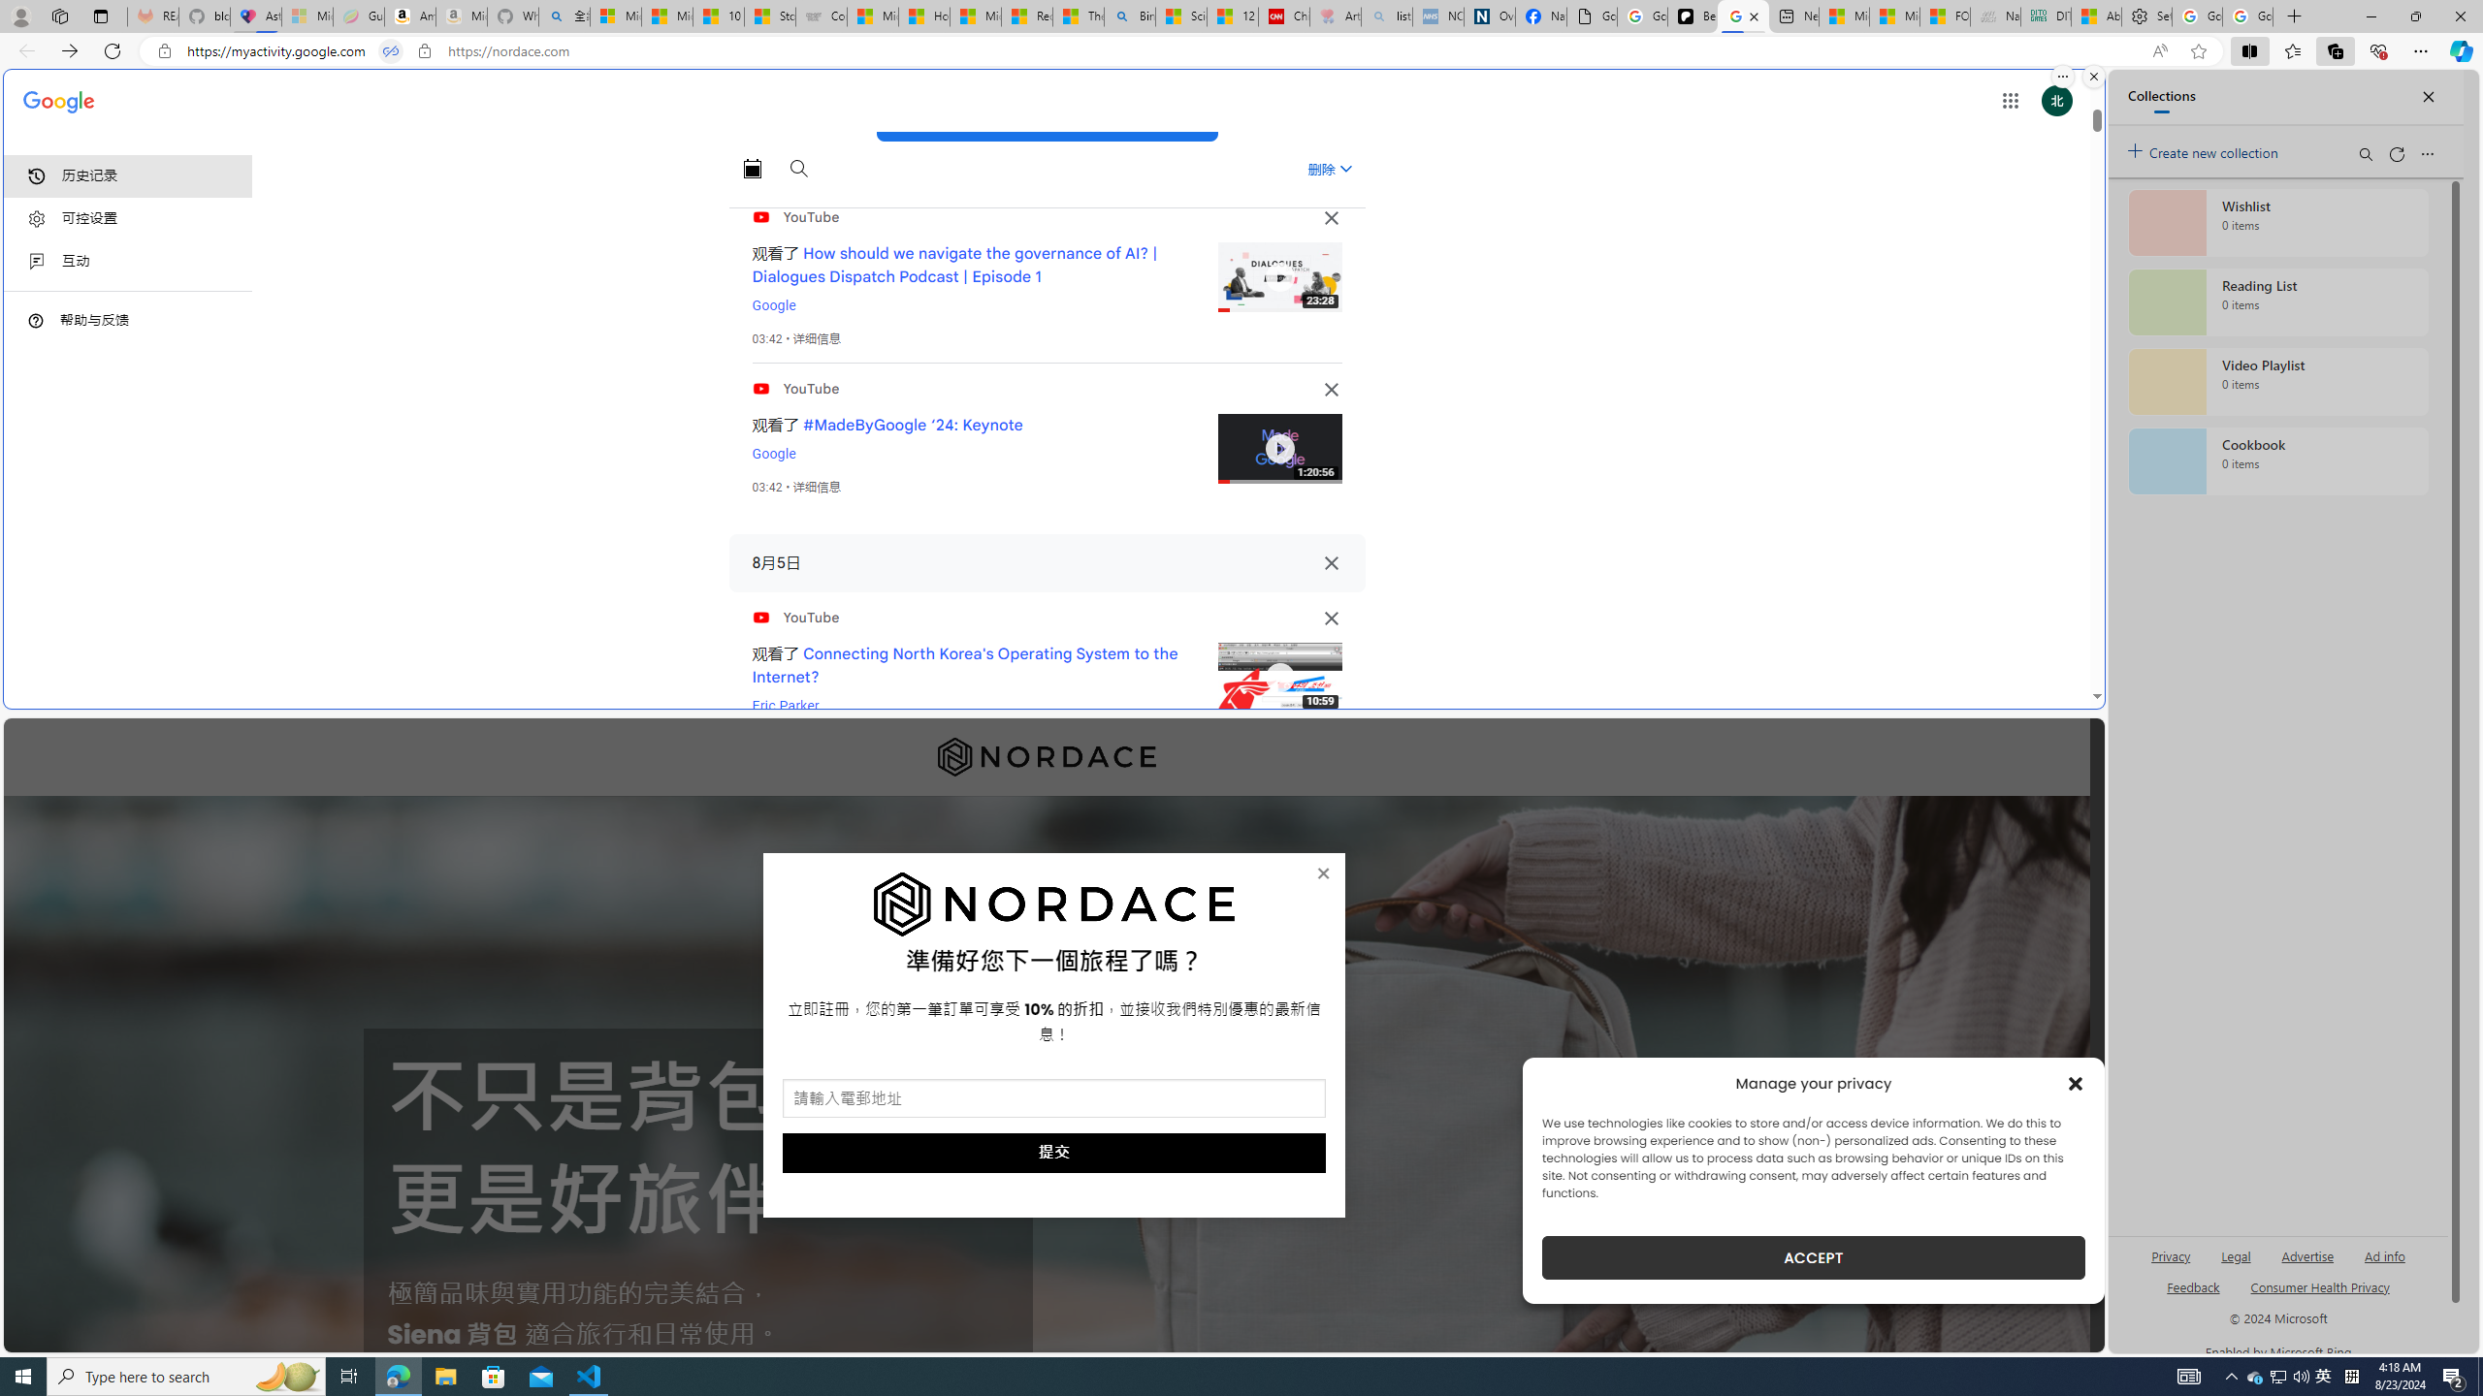 The image size is (2483, 1396). I want to click on 'AutomationID: field_5_1', so click(1052, 1099).